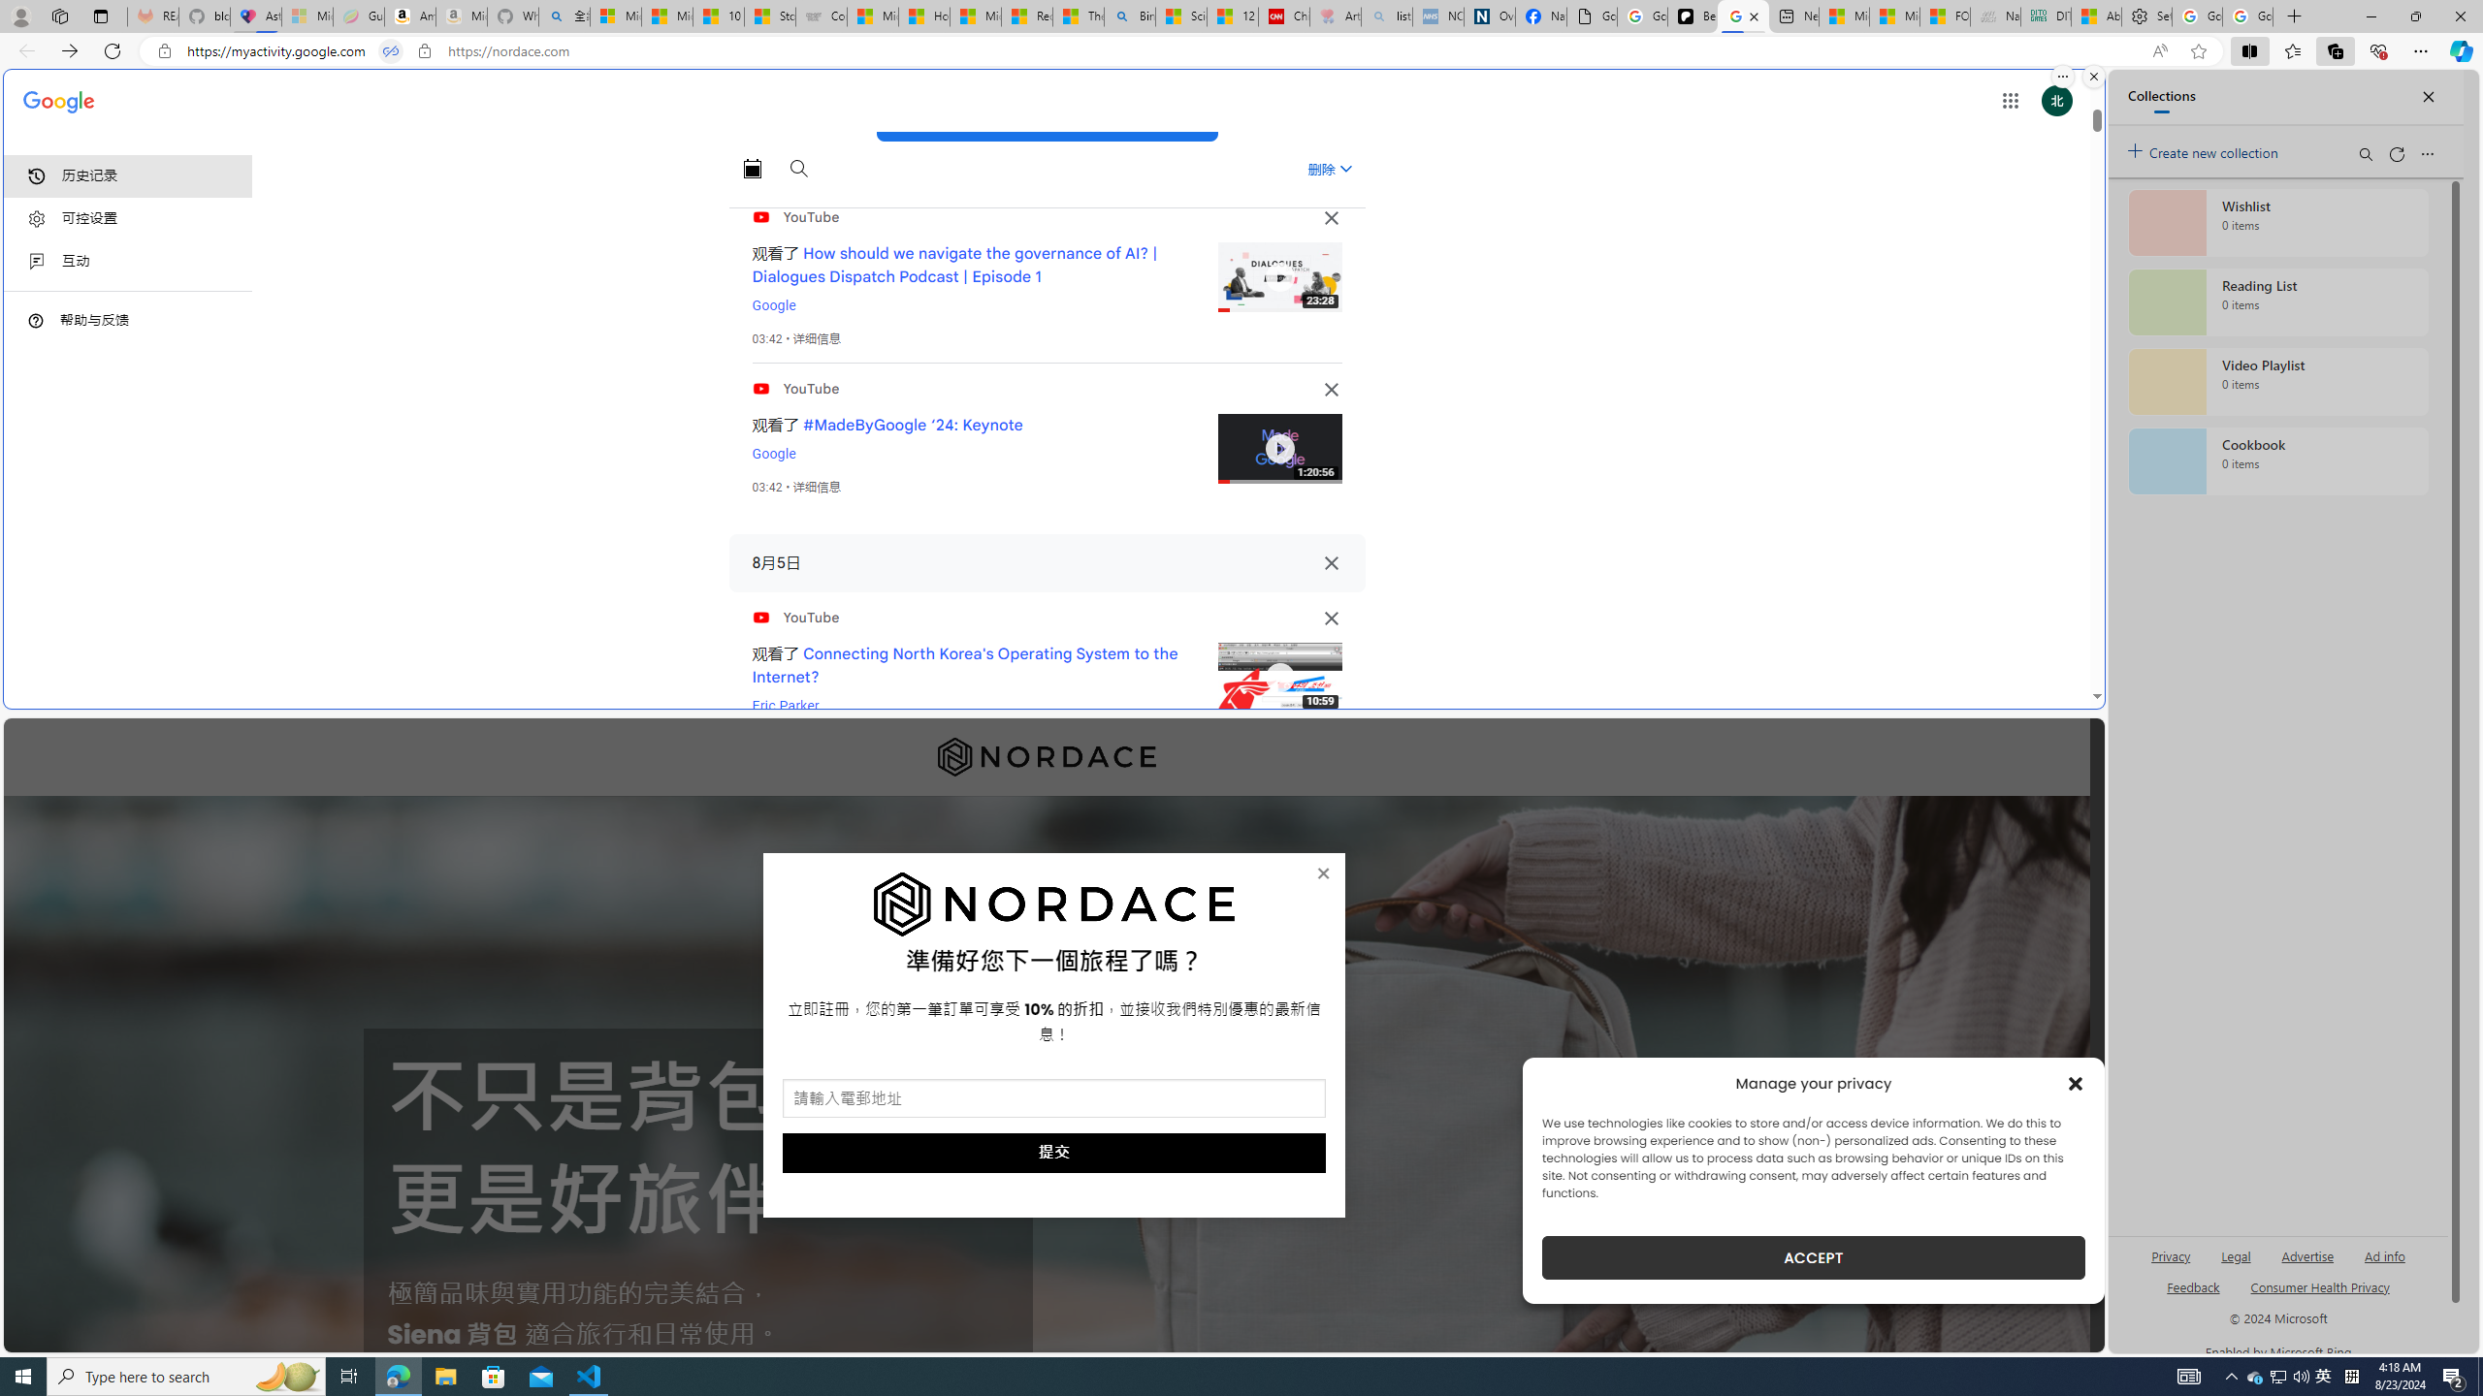 The image size is (2483, 1396). I want to click on 'AutomationID: field_5_1', so click(1052, 1099).